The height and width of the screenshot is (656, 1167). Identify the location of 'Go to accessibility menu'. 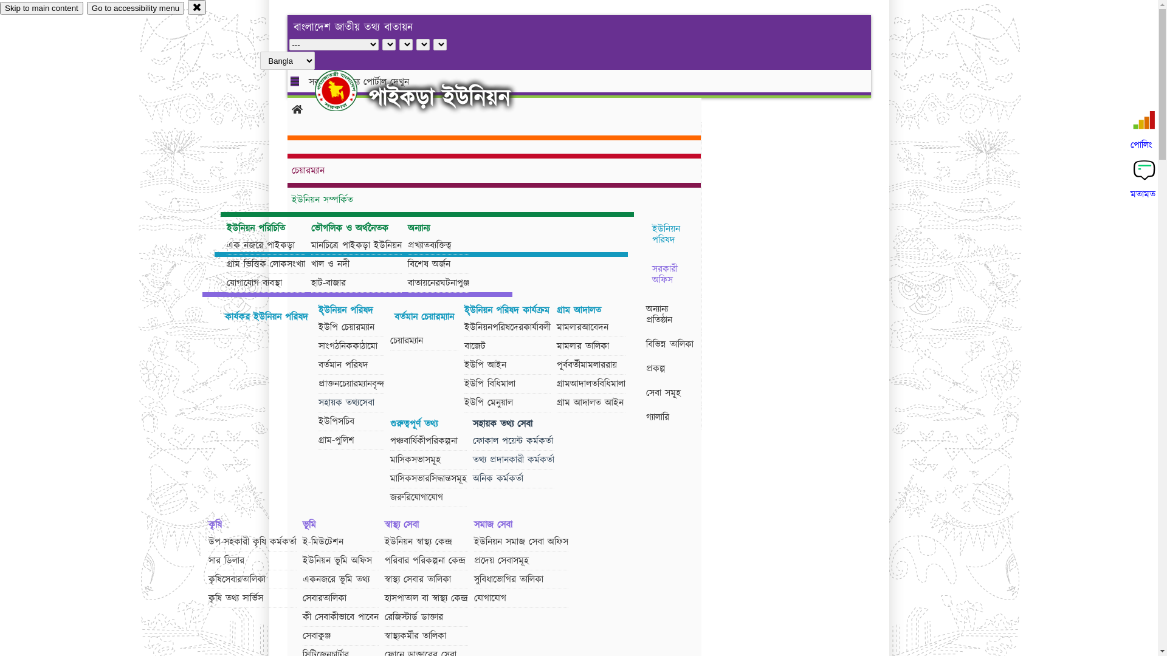
(135, 8).